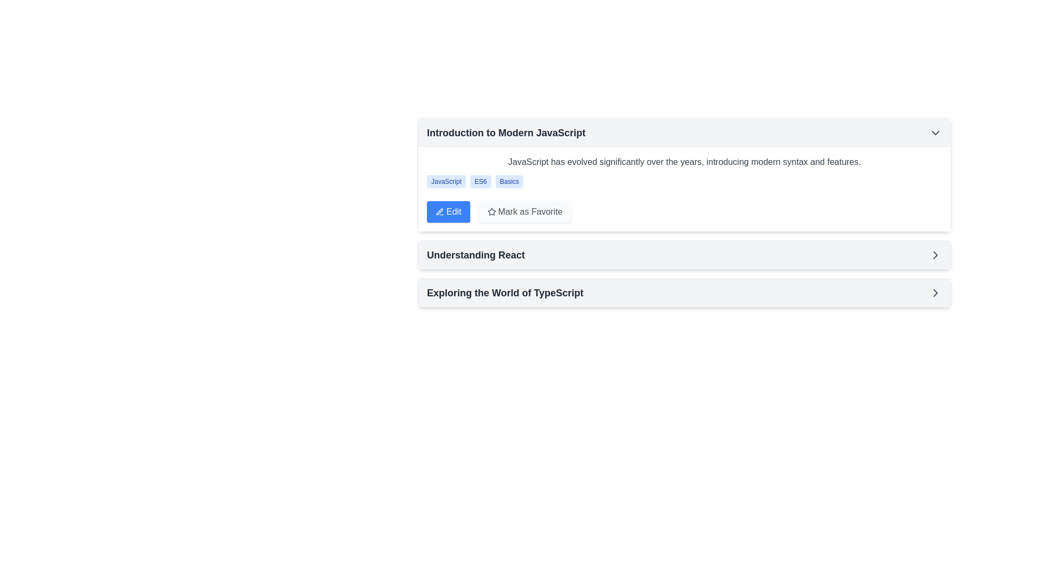 The image size is (1039, 584). Describe the element at coordinates (935, 132) in the screenshot. I see `the downward-pointing chevron icon styled as an SVG element located at the far right end of the header bar for 'Introduction to Modern JavaScript'` at that location.